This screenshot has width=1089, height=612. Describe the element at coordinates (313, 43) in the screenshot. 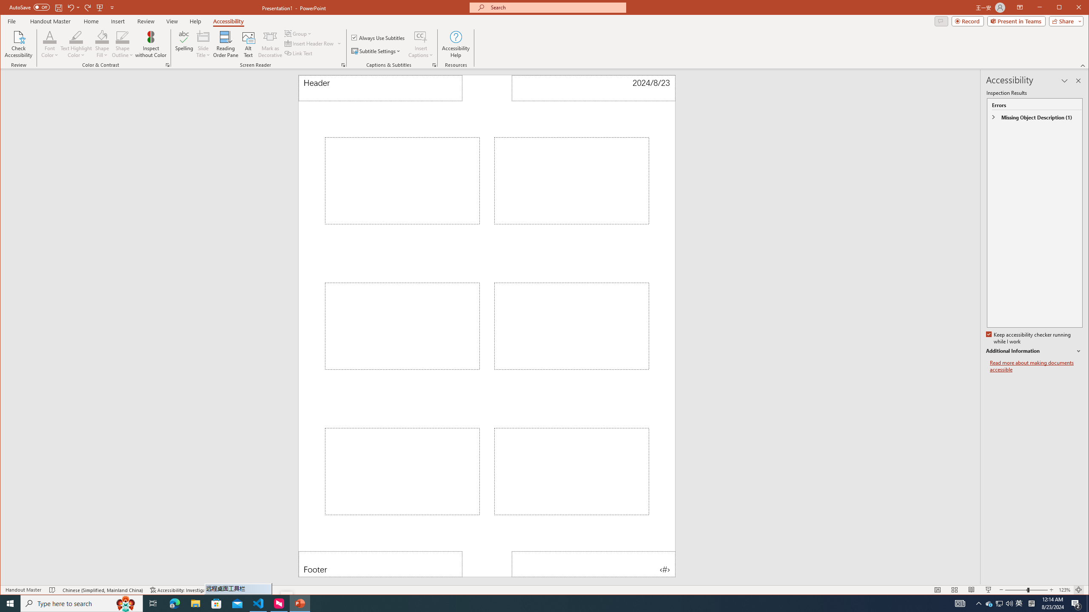

I see `'Insert Header Row'` at that location.